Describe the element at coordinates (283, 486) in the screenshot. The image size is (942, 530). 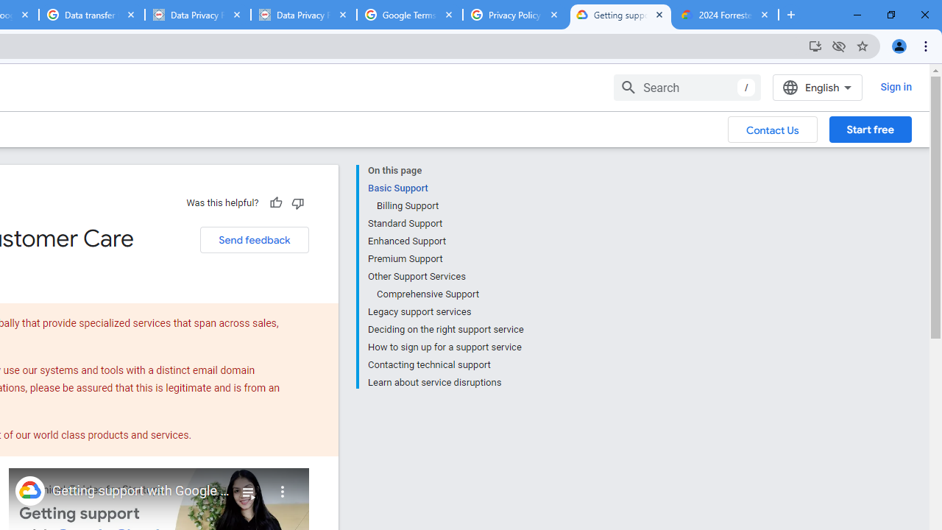
I see `'More'` at that location.